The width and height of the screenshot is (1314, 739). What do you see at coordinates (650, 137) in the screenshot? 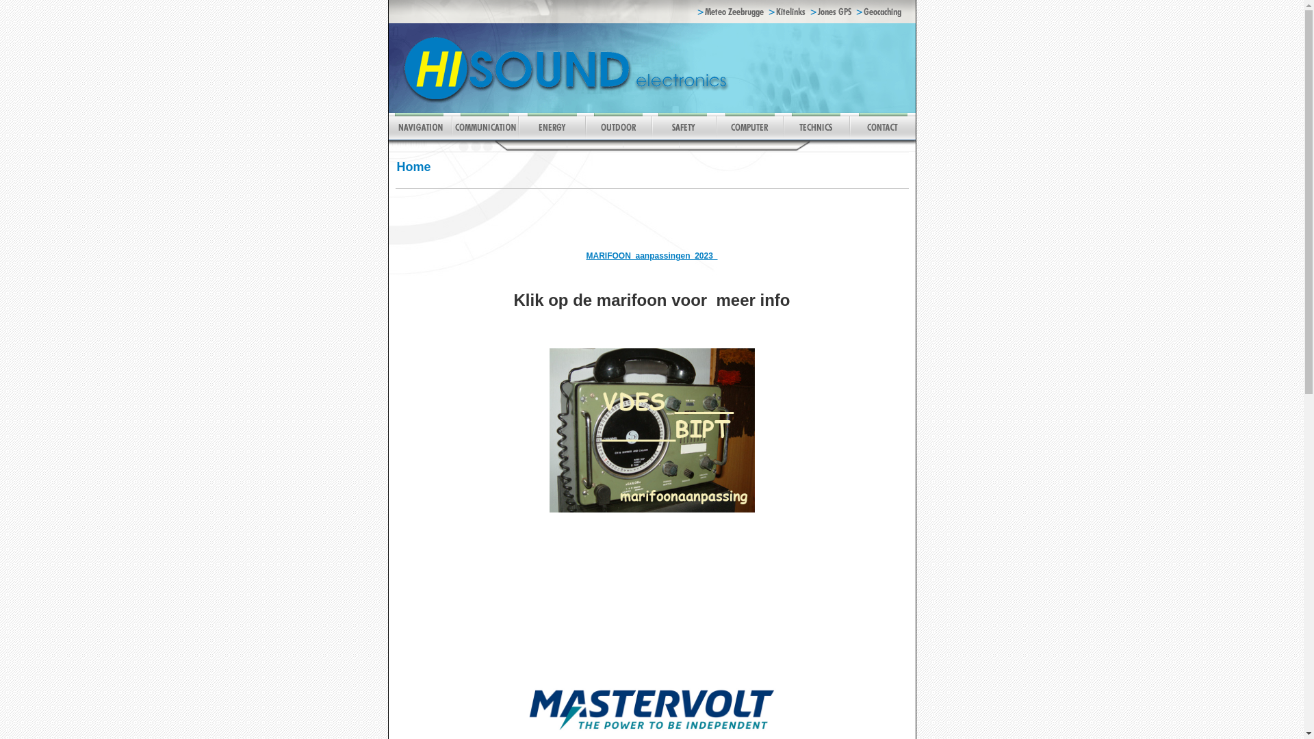
I see `'Safety'` at bounding box center [650, 137].